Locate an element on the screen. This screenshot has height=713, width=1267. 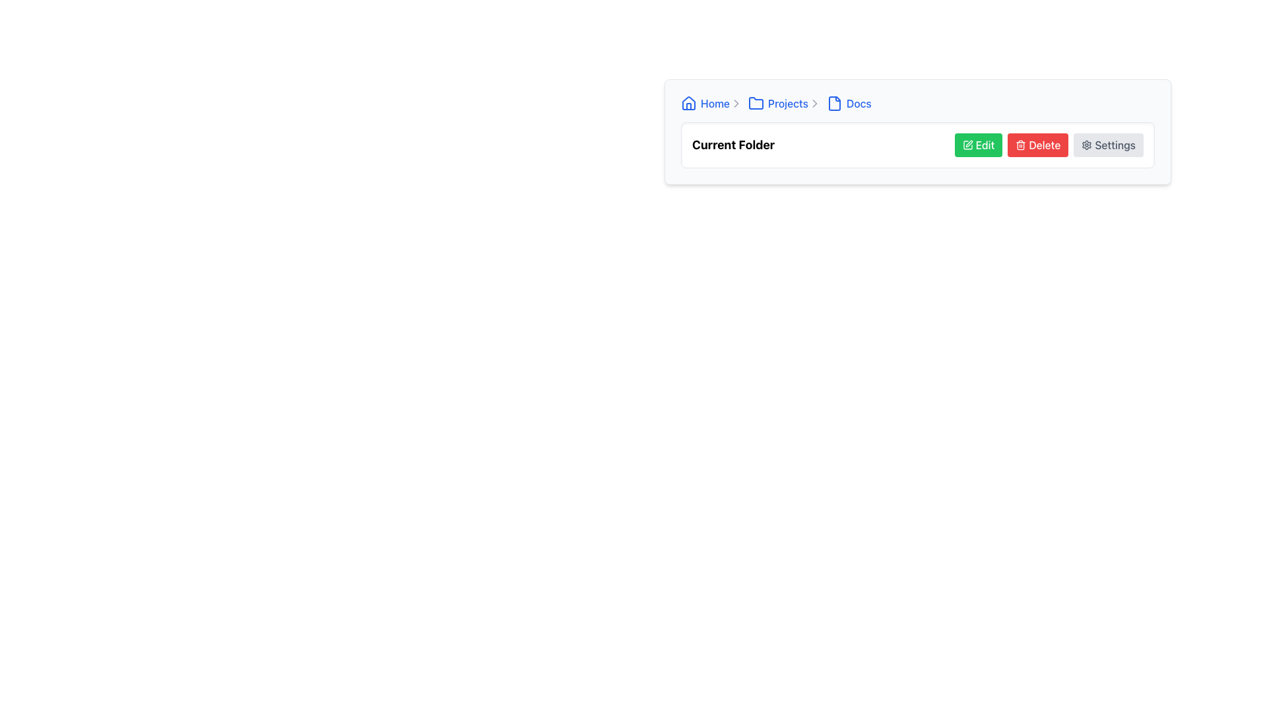
the trash bin icon, which is located to the left of the 'Delete' text within a red button component is located at coordinates (1020, 145).